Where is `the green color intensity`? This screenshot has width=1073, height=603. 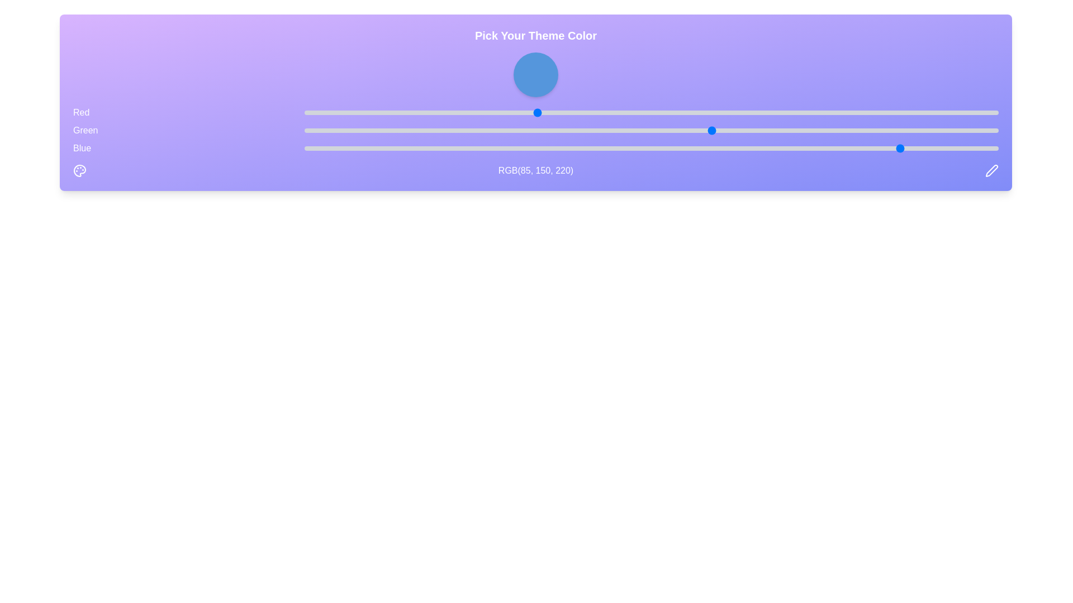
the green color intensity is located at coordinates (962, 130).